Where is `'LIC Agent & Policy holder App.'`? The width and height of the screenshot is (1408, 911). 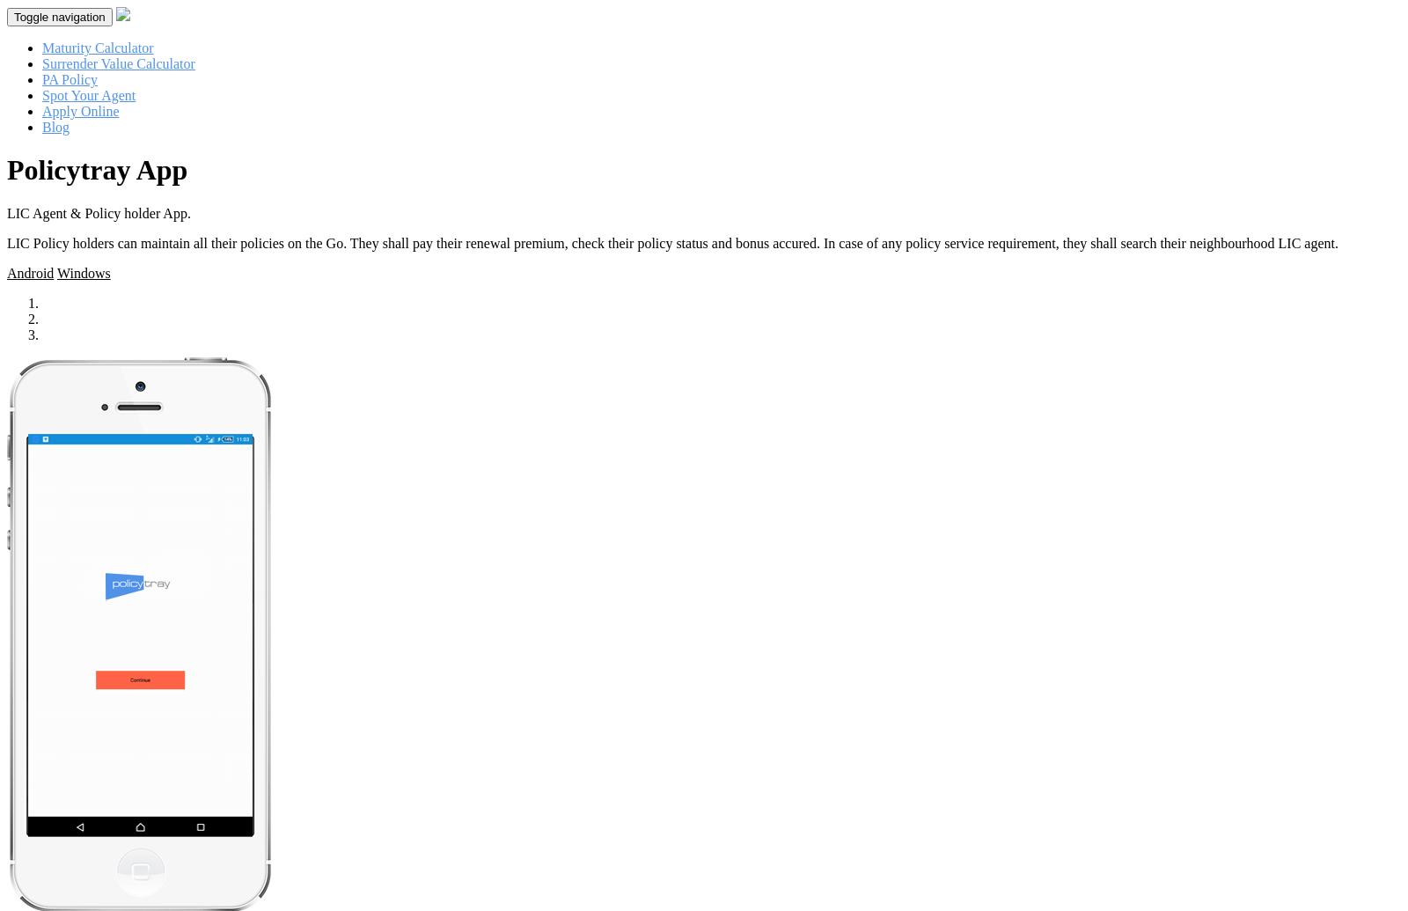 'LIC Agent & Policy holder App.' is located at coordinates (98, 212).